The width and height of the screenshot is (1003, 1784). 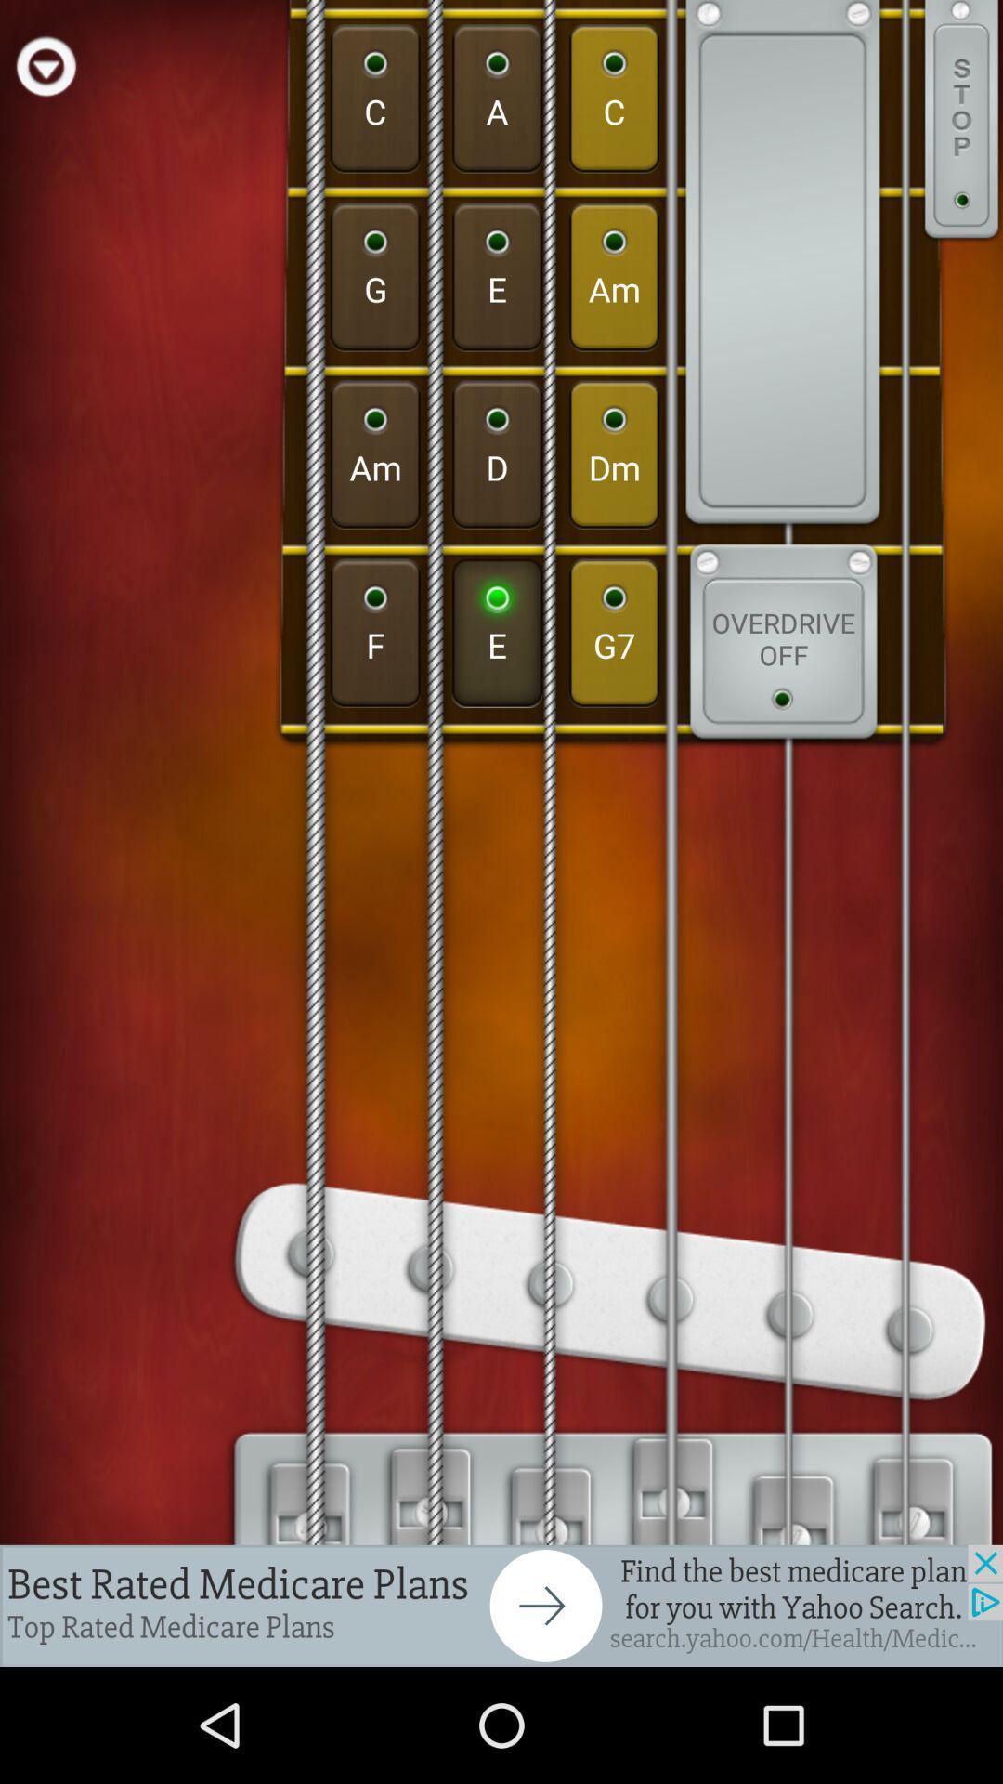 I want to click on play, so click(x=45, y=65).